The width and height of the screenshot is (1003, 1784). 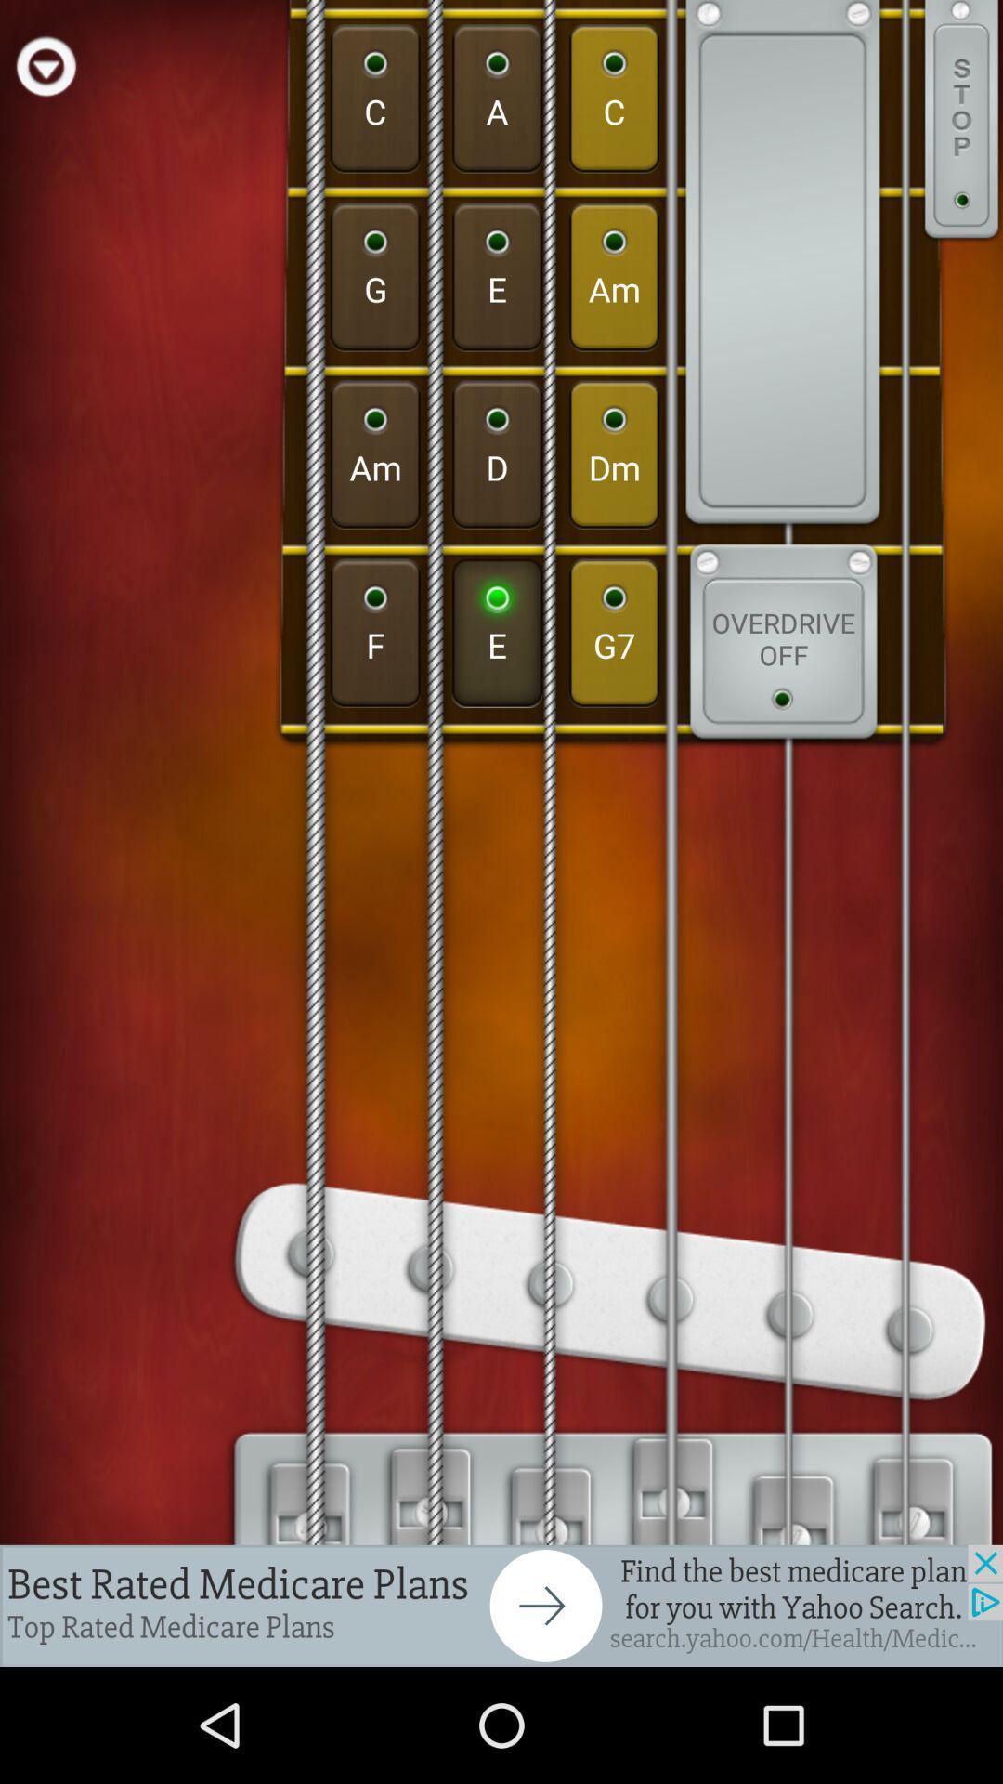 I want to click on play, so click(x=45, y=65).